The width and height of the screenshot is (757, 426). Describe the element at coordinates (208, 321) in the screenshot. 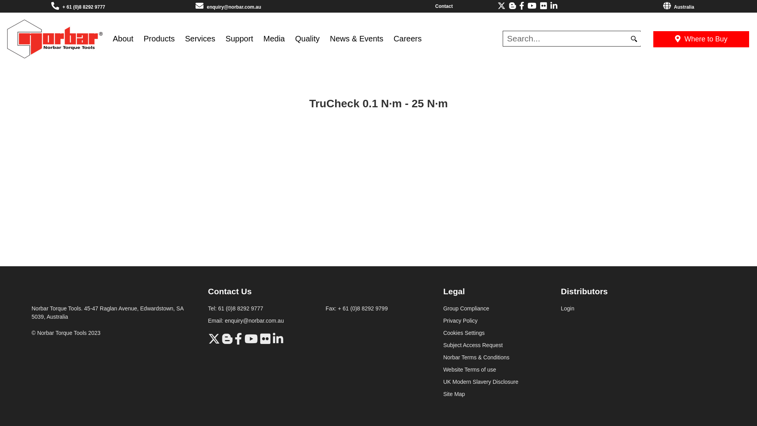

I see `'Email: enquiry@norbar.com.au'` at that location.